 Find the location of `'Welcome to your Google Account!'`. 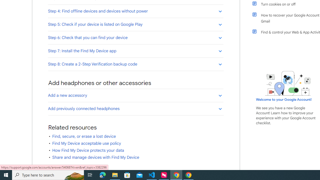

'Welcome to your Google Account!' is located at coordinates (284, 99).